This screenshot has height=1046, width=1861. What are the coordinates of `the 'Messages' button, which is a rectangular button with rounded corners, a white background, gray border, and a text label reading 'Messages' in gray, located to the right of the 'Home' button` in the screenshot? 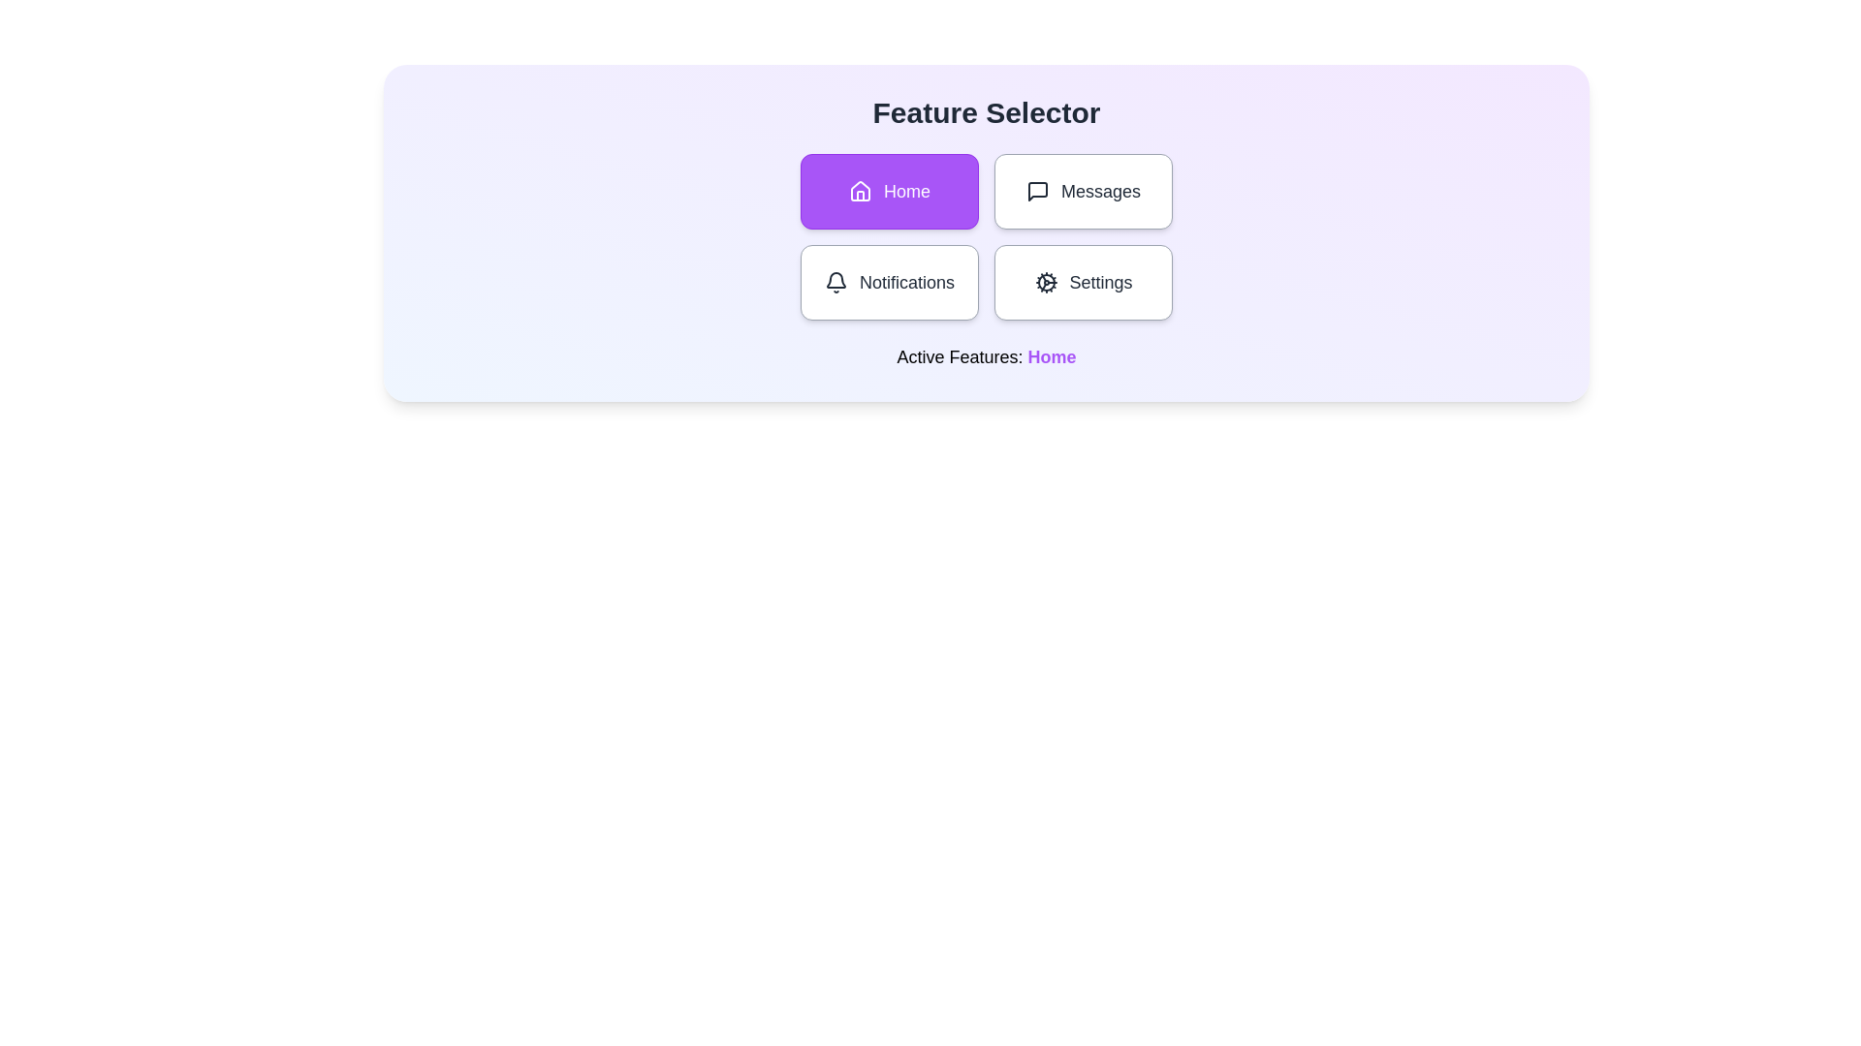 It's located at (1083, 191).